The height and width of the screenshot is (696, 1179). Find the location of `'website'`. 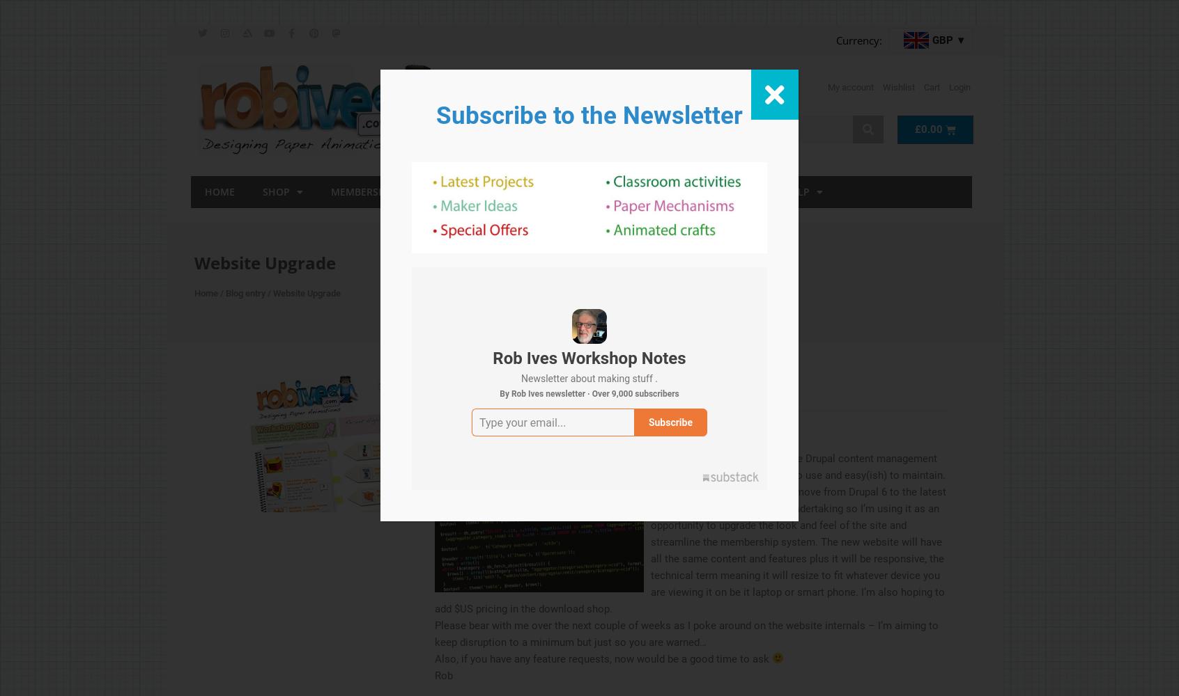

'website' is located at coordinates (453, 420).